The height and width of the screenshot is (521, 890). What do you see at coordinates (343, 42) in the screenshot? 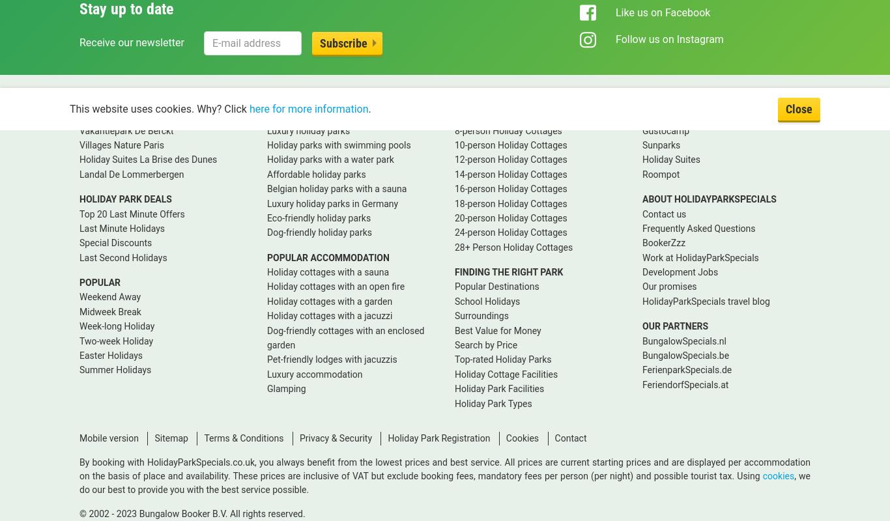
I see `'Subscribe'` at bounding box center [343, 42].